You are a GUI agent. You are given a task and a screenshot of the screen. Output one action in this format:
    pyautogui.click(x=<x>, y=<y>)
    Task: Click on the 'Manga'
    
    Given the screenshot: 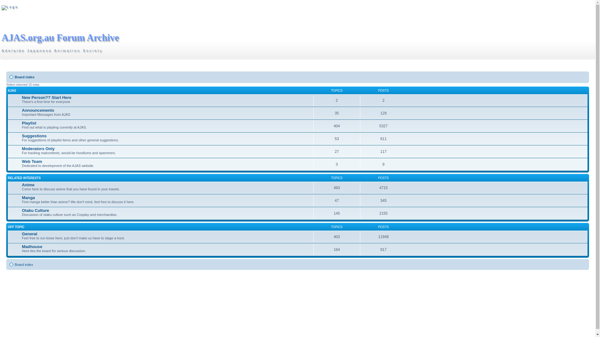 What is the action you would take?
    pyautogui.click(x=28, y=198)
    